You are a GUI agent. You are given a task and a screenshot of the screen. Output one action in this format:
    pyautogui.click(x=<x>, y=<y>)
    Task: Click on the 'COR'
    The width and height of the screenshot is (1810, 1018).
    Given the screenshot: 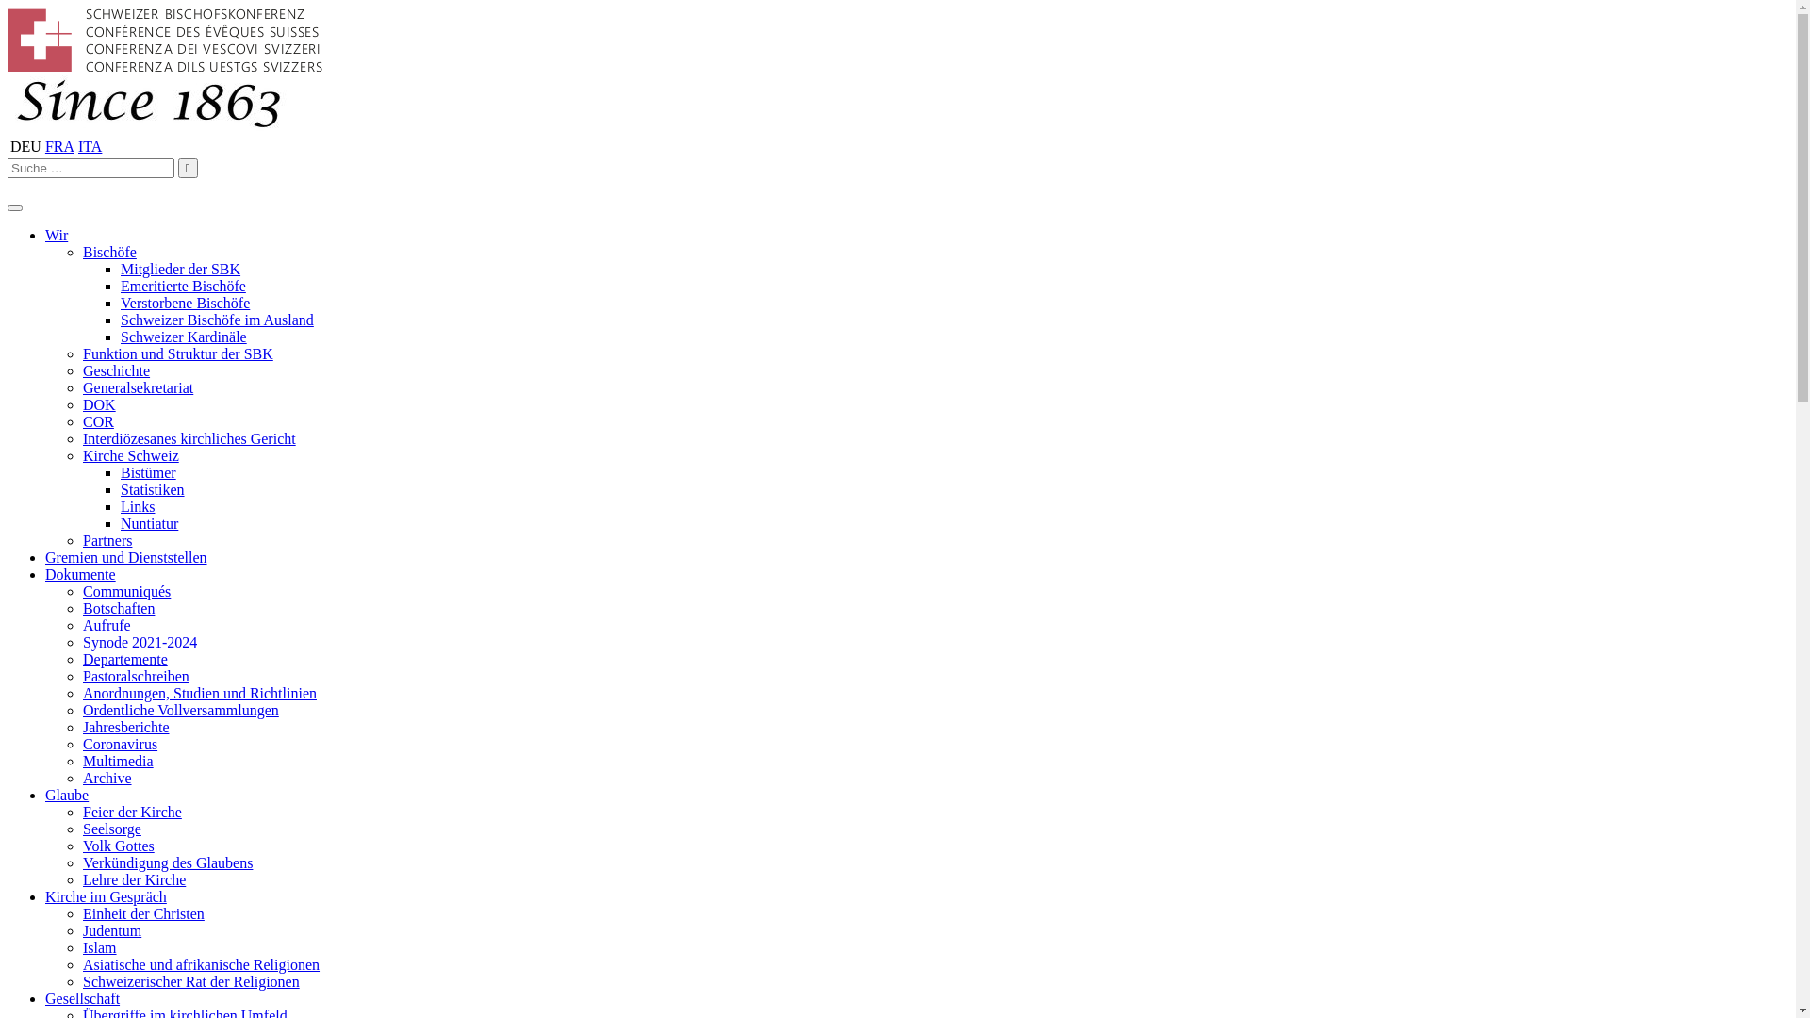 What is the action you would take?
    pyautogui.click(x=97, y=420)
    